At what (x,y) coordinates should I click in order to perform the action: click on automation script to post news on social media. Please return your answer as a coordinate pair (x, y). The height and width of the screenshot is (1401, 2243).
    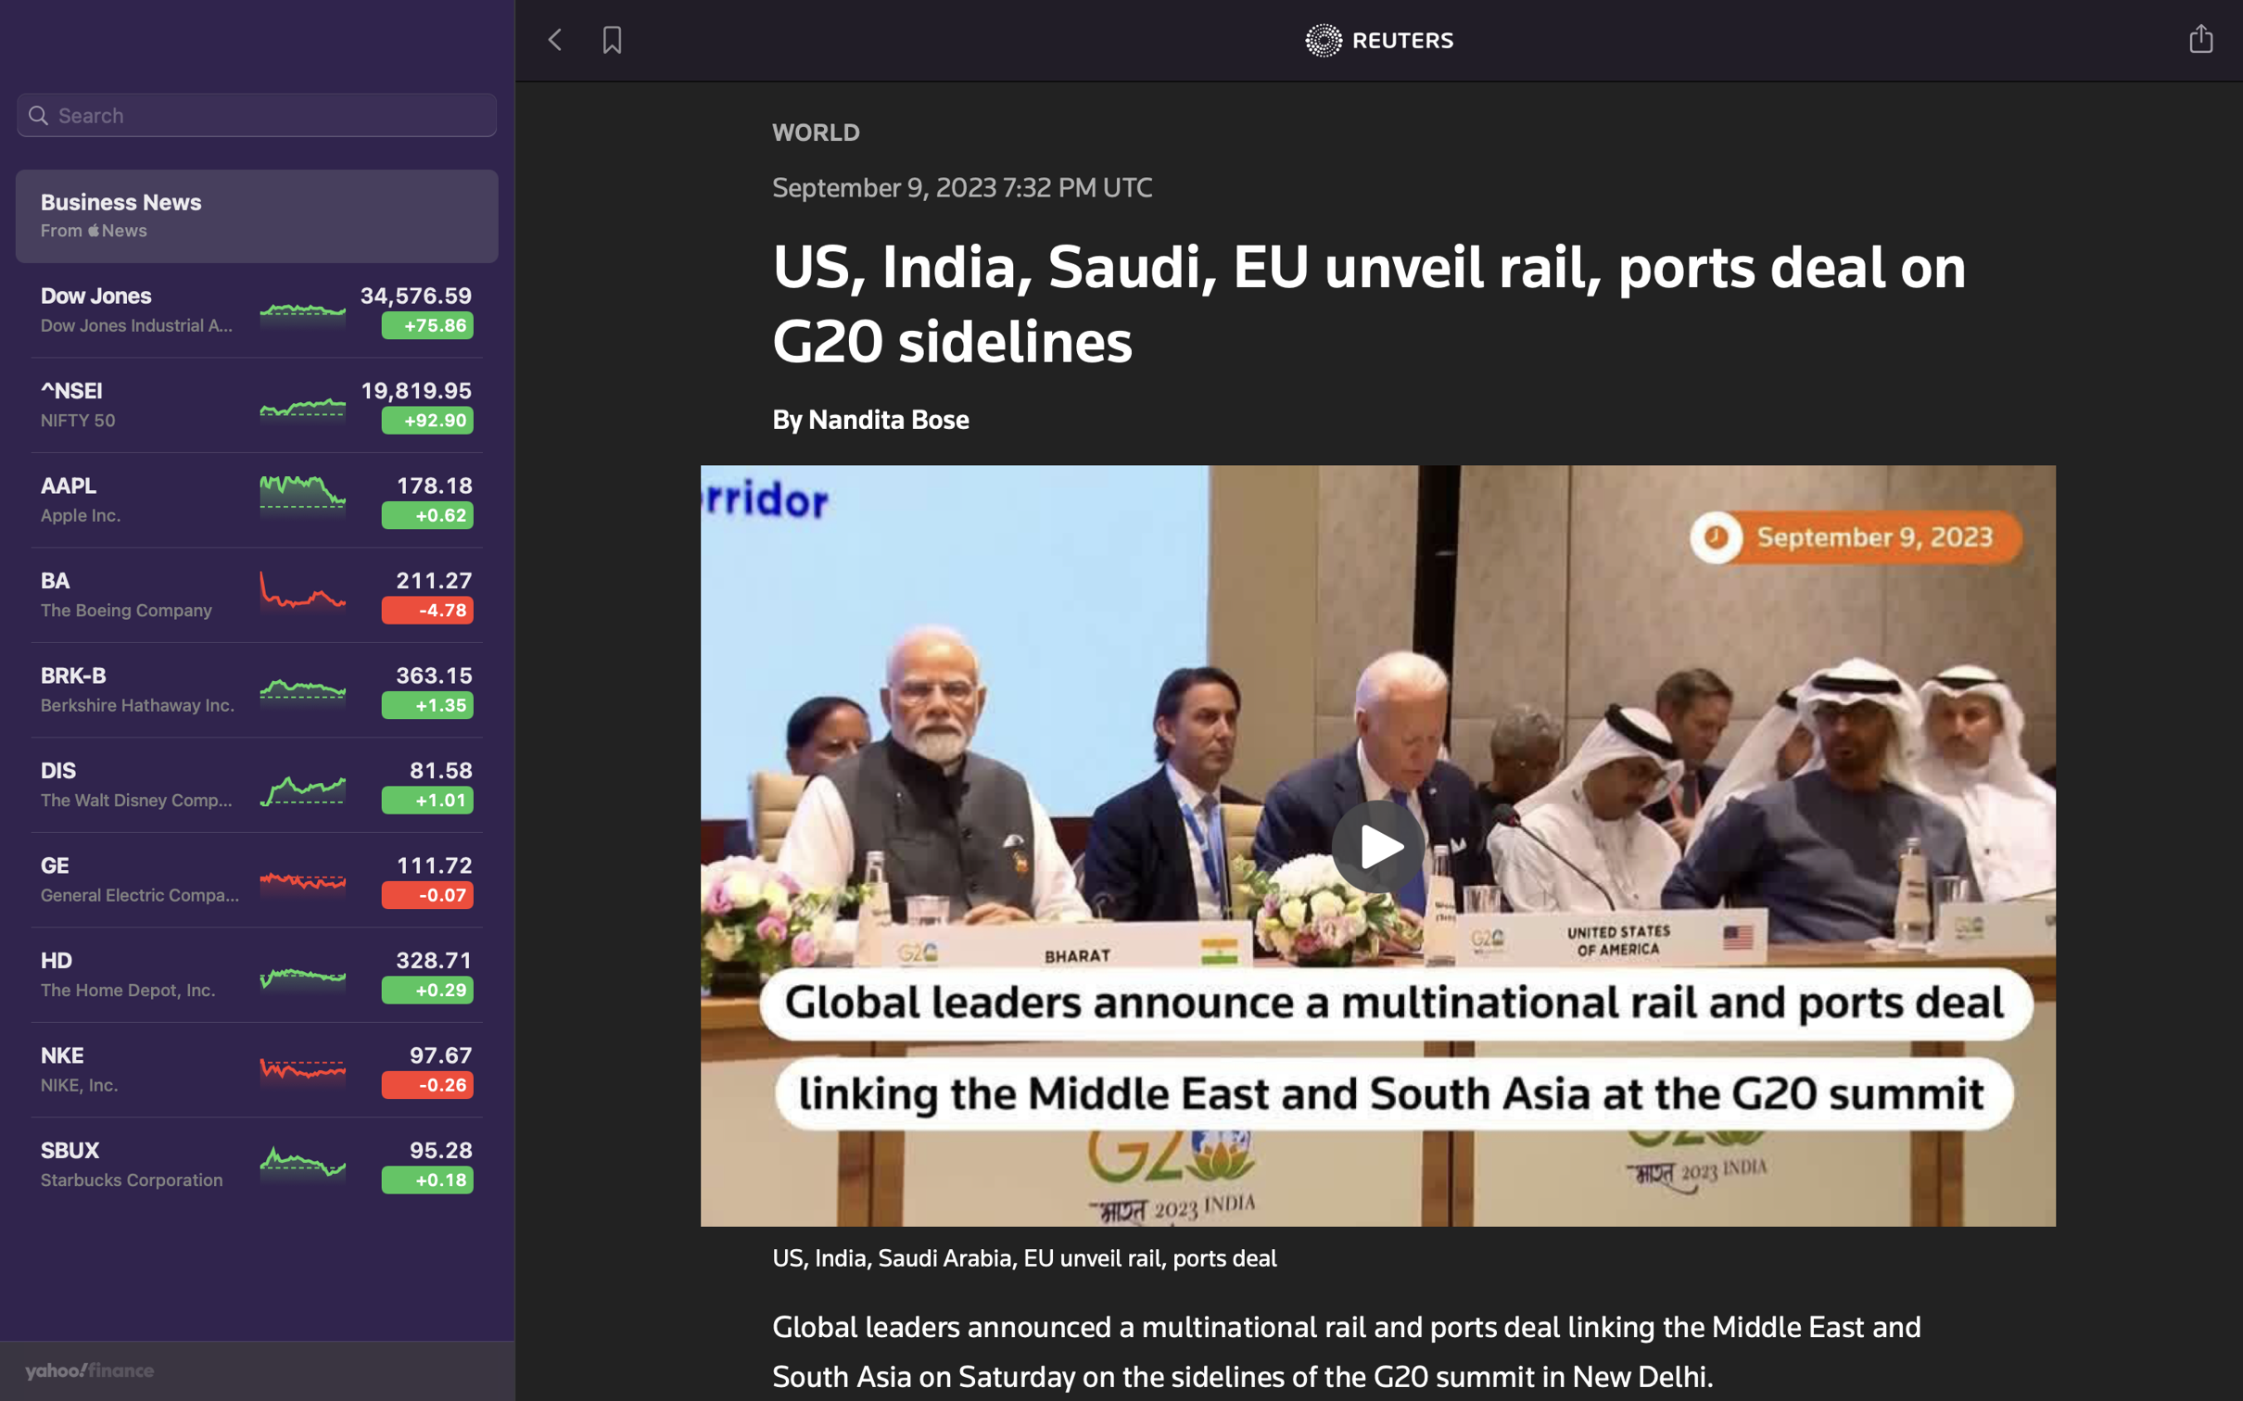
    Looking at the image, I should click on (2202, 36).